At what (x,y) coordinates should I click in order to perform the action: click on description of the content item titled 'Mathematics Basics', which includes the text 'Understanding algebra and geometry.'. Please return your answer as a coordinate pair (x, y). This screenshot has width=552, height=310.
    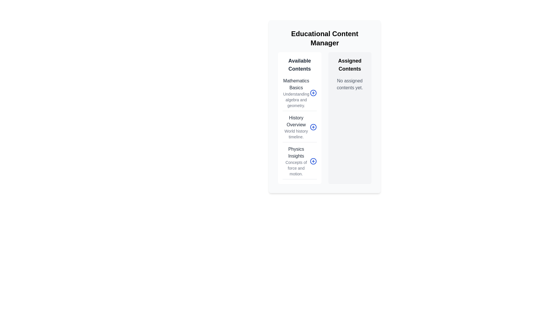
    Looking at the image, I should click on (299, 94).